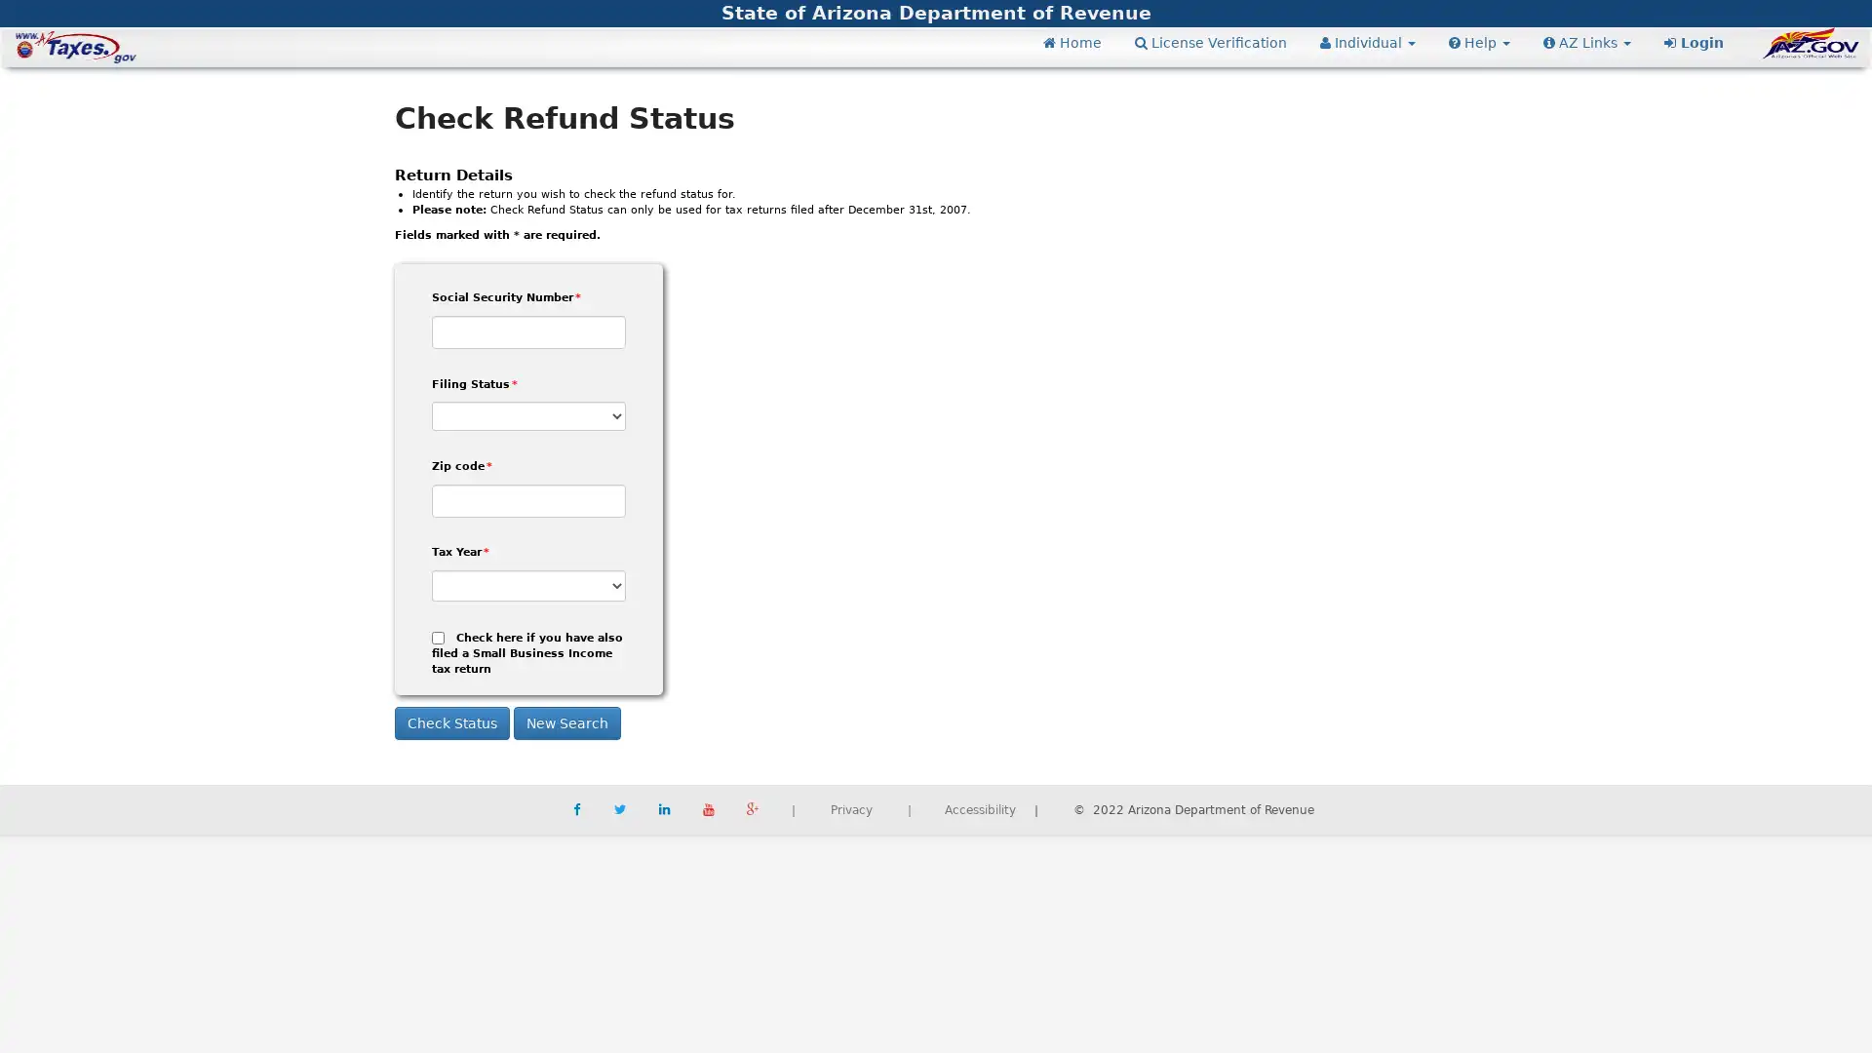 This screenshot has height=1053, width=1872. What do you see at coordinates (451, 721) in the screenshot?
I see `Check Status` at bounding box center [451, 721].